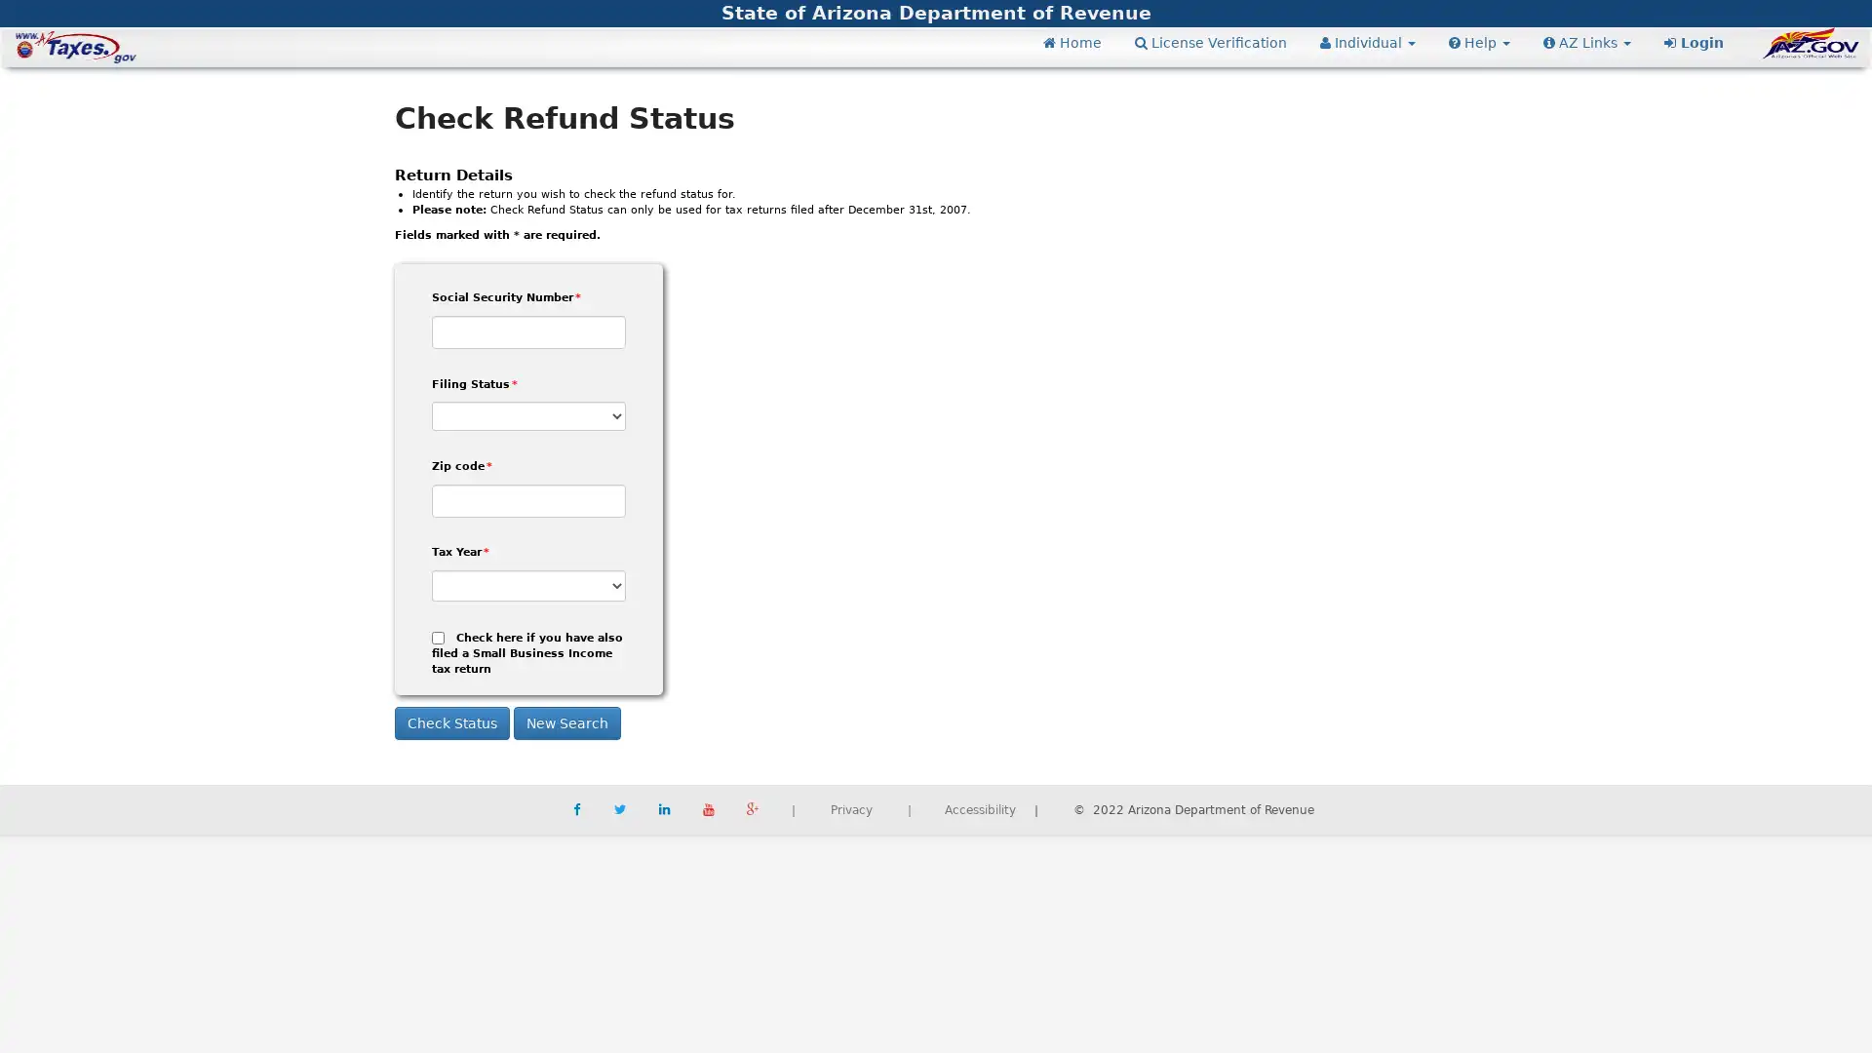 This screenshot has height=1053, width=1872. What do you see at coordinates (451, 721) in the screenshot?
I see `Check Status` at bounding box center [451, 721].